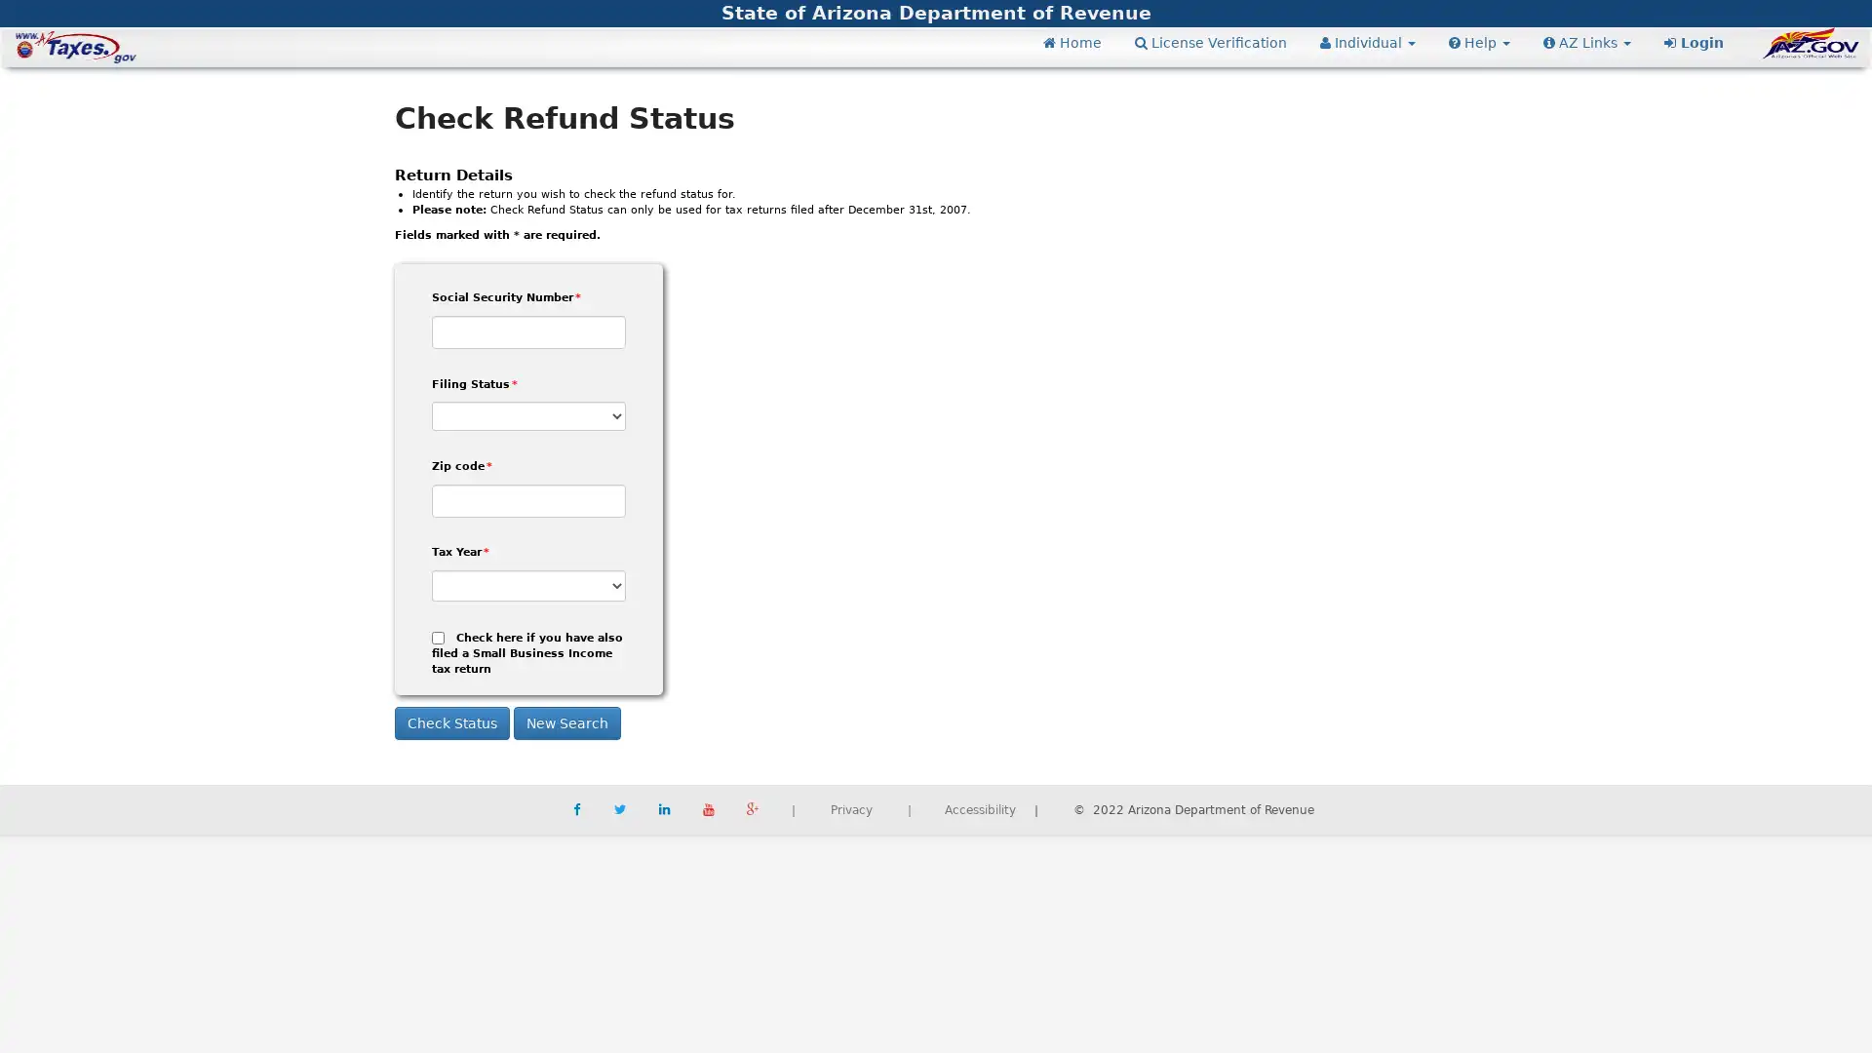 This screenshot has height=1053, width=1872. What do you see at coordinates (451, 721) in the screenshot?
I see `Check Status` at bounding box center [451, 721].